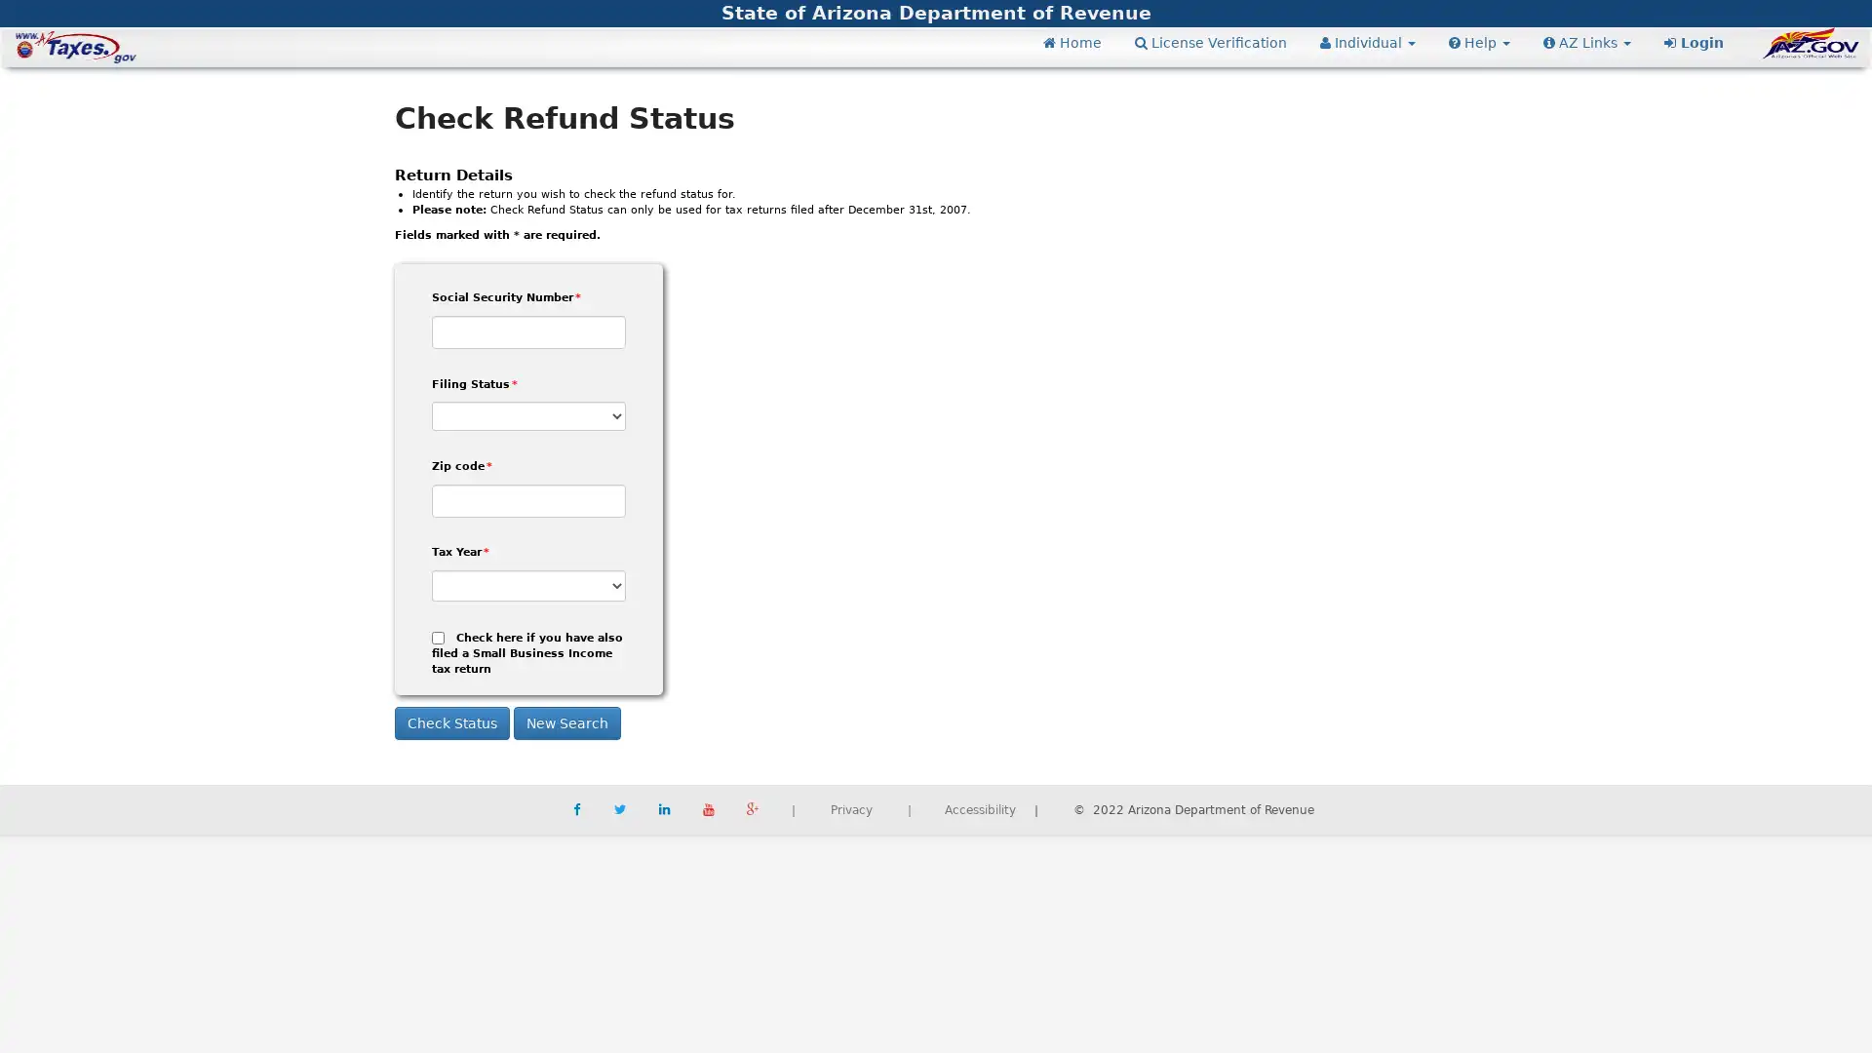 This screenshot has height=1053, width=1872. What do you see at coordinates (451, 721) in the screenshot?
I see `Check Status` at bounding box center [451, 721].